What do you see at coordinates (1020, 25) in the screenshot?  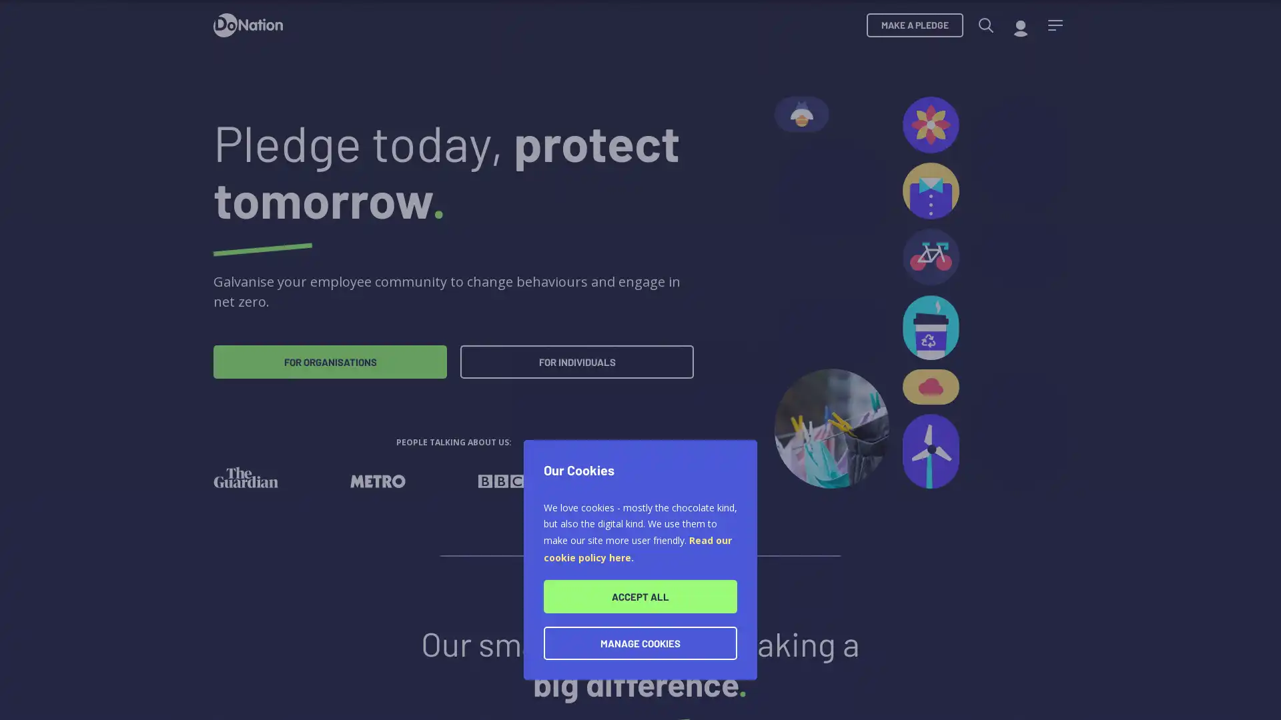 I see `My account` at bounding box center [1020, 25].